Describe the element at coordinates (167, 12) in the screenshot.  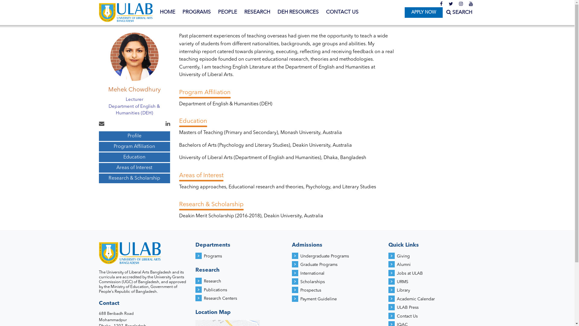
I see `'HOME'` at that location.